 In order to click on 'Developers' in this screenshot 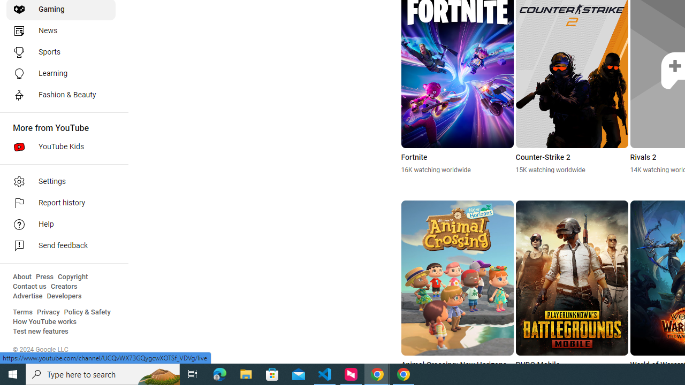, I will do `click(64, 296)`.